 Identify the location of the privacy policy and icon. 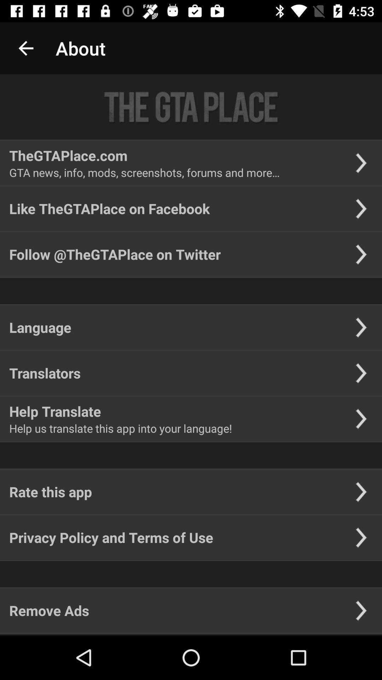
(111, 537).